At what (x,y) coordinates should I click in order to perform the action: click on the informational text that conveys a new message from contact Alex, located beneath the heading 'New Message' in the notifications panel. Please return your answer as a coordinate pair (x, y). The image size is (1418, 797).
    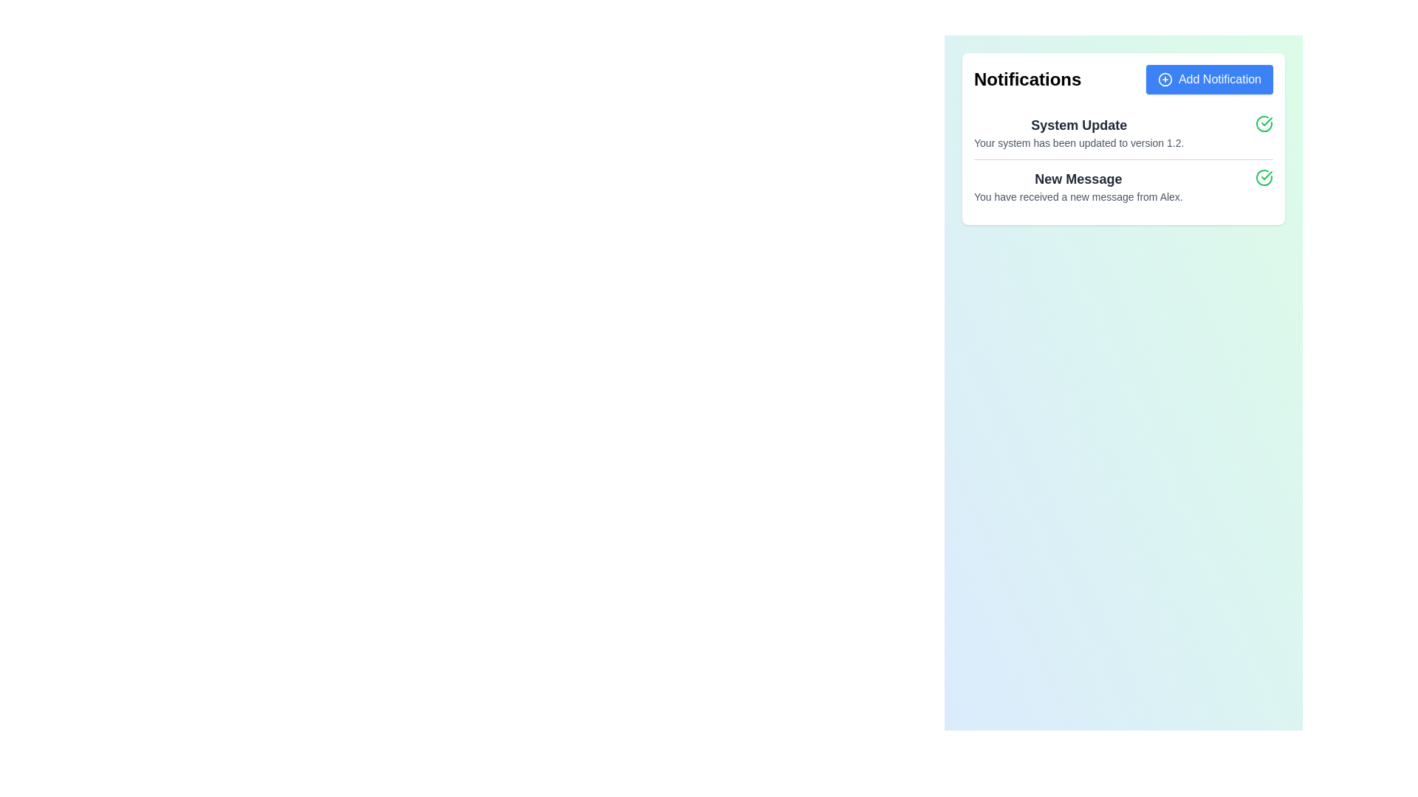
    Looking at the image, I should click on (1078, 196).